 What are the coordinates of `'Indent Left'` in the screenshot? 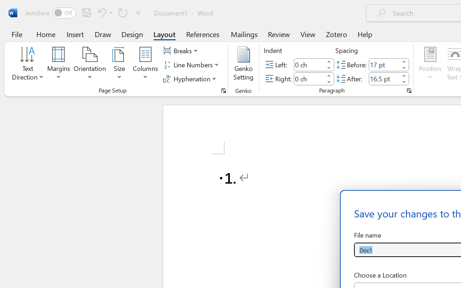 It's located at (309, 64).